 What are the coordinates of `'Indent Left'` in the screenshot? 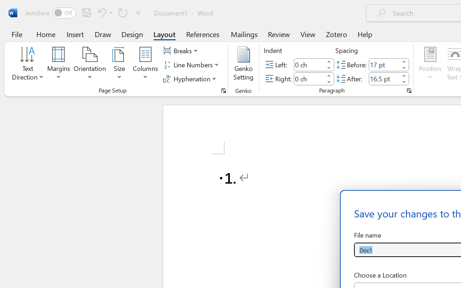 It's located at (309, 64).